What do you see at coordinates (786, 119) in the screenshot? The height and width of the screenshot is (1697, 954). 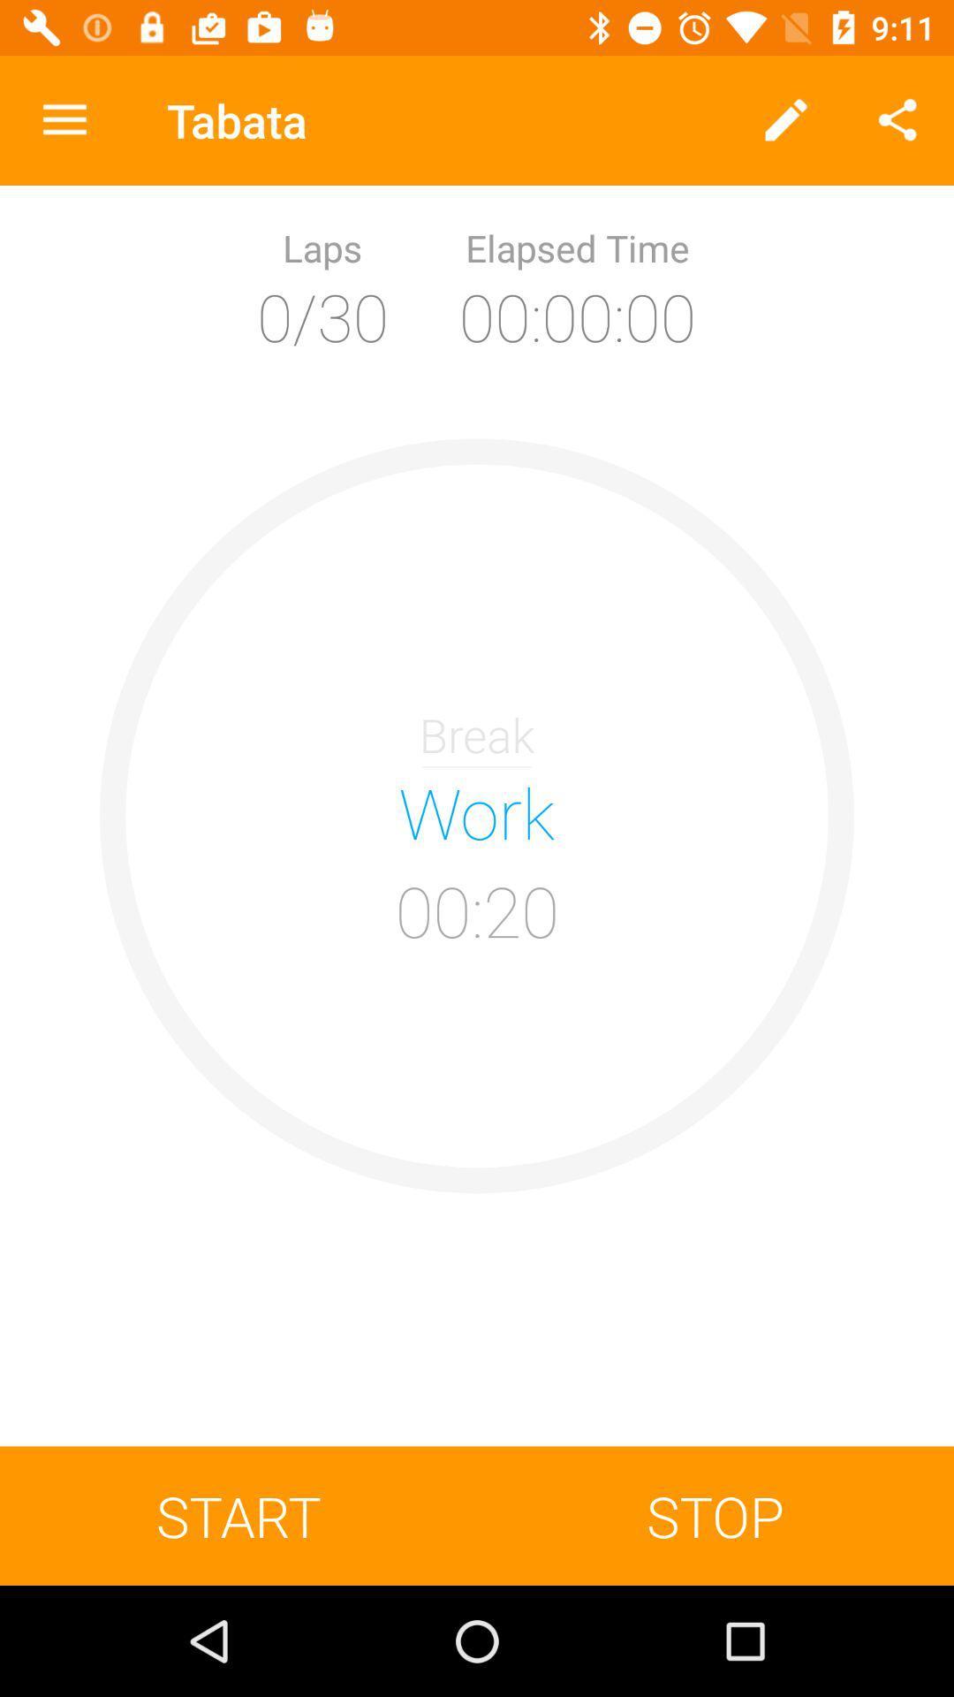 I see `the icon next to the tabata` at bounding box center [786, 119].